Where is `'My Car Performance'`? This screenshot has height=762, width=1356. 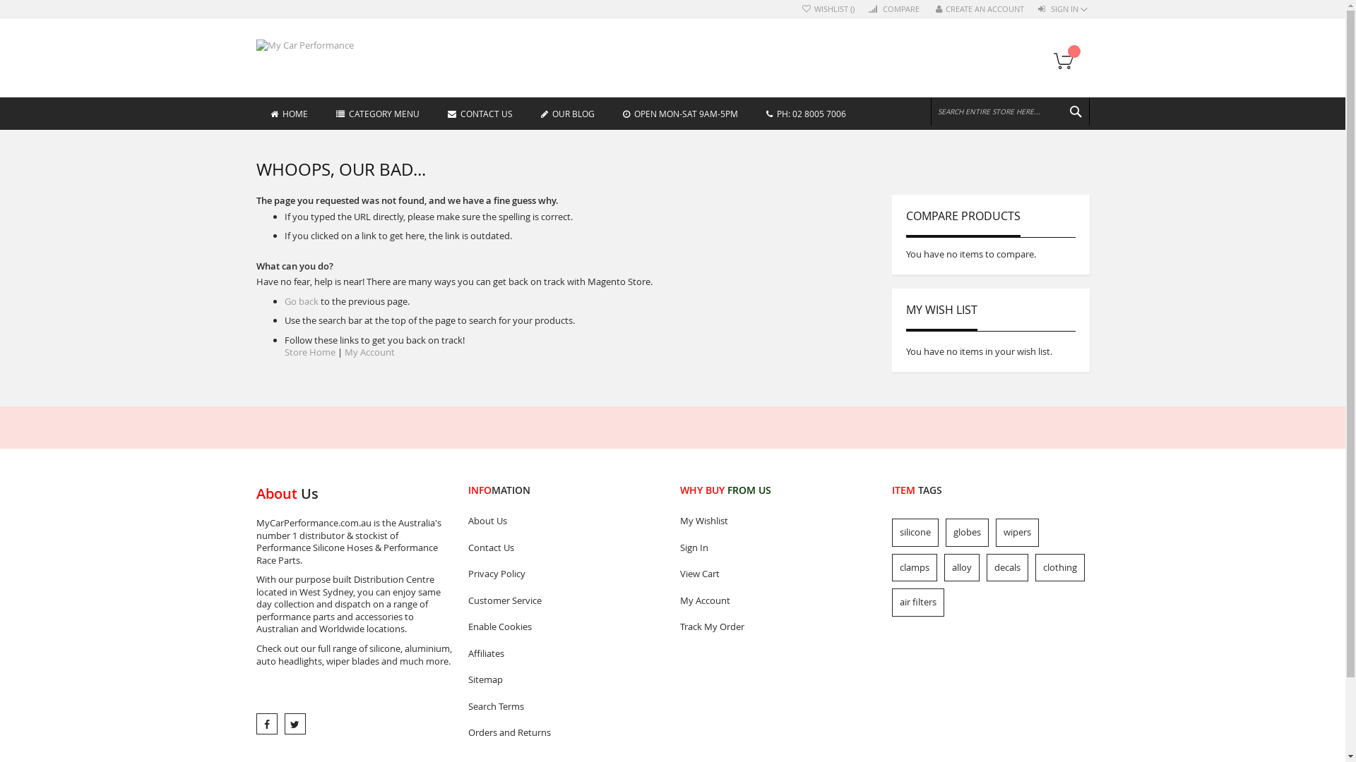
'My Car Performance' is located at coordinates (314, 45).